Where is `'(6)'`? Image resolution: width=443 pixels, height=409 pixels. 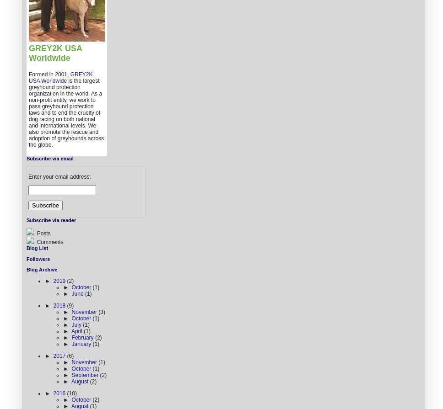
'(6)' is located at coordinates (70, 356).